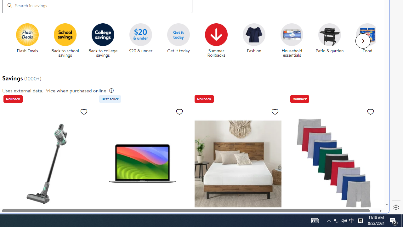  I want to click on 'Fashion Fashion', so click(254, 38).